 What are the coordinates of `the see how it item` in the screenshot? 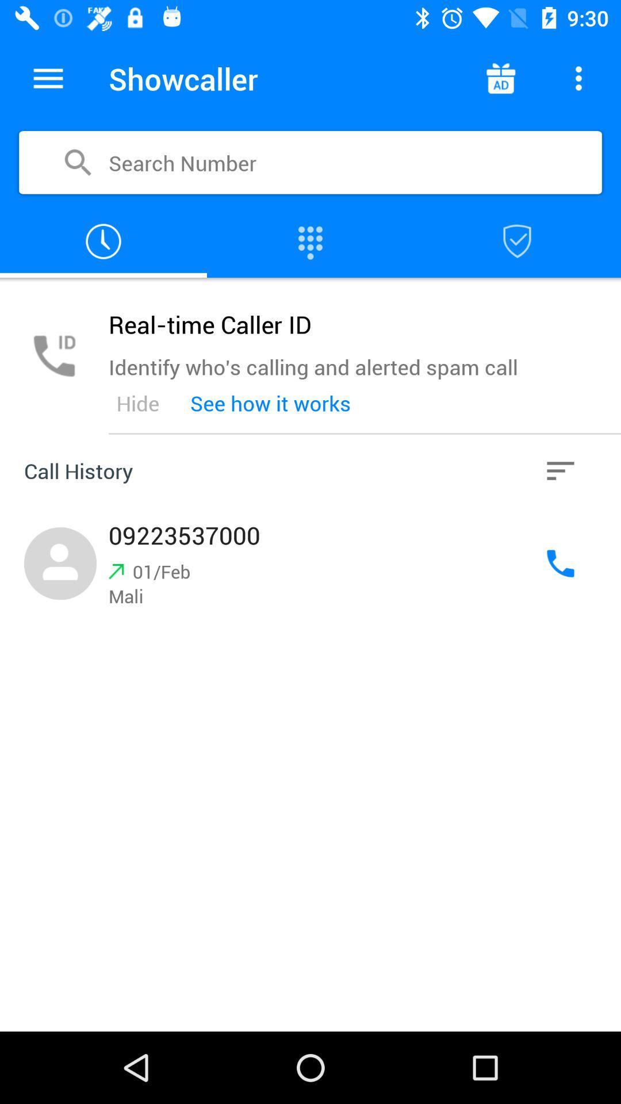 It's located at (270, 403).